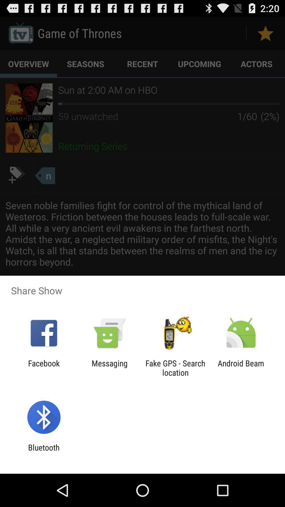  I want to click on item to the left of the messaging app, so click(44, 368).